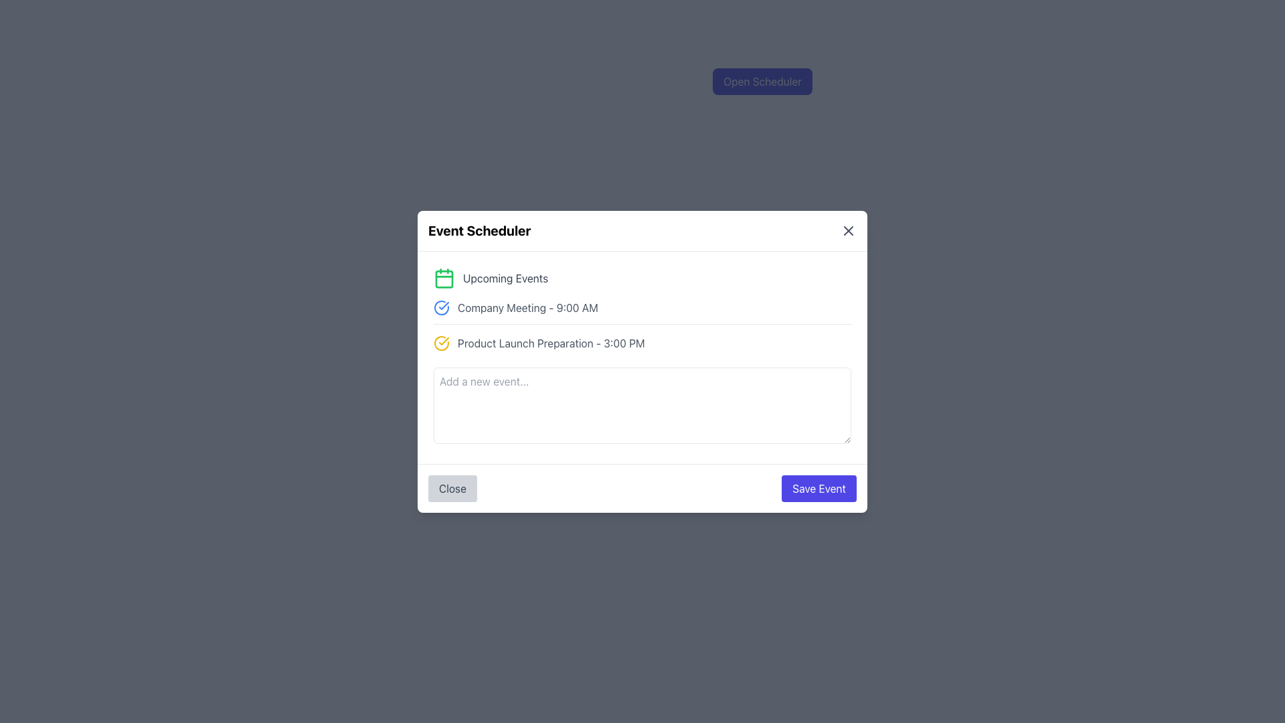  Describe the element at coordinates (442, 342) in the screenshot. I see `the status icon located to the left of the text 'Product Launch Preparation - 3:00 PM', which serves as a visual cue for users` at that location.